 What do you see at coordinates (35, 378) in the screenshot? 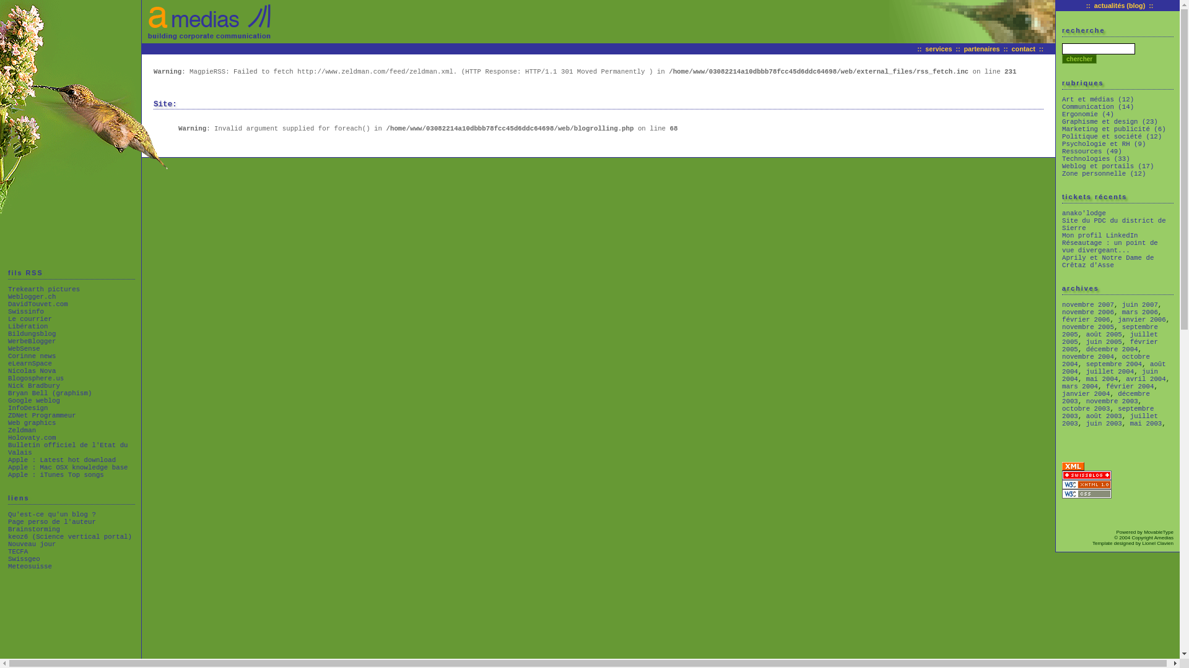
I see `'Blogosphere.us'` at bounding box center [35, 378].